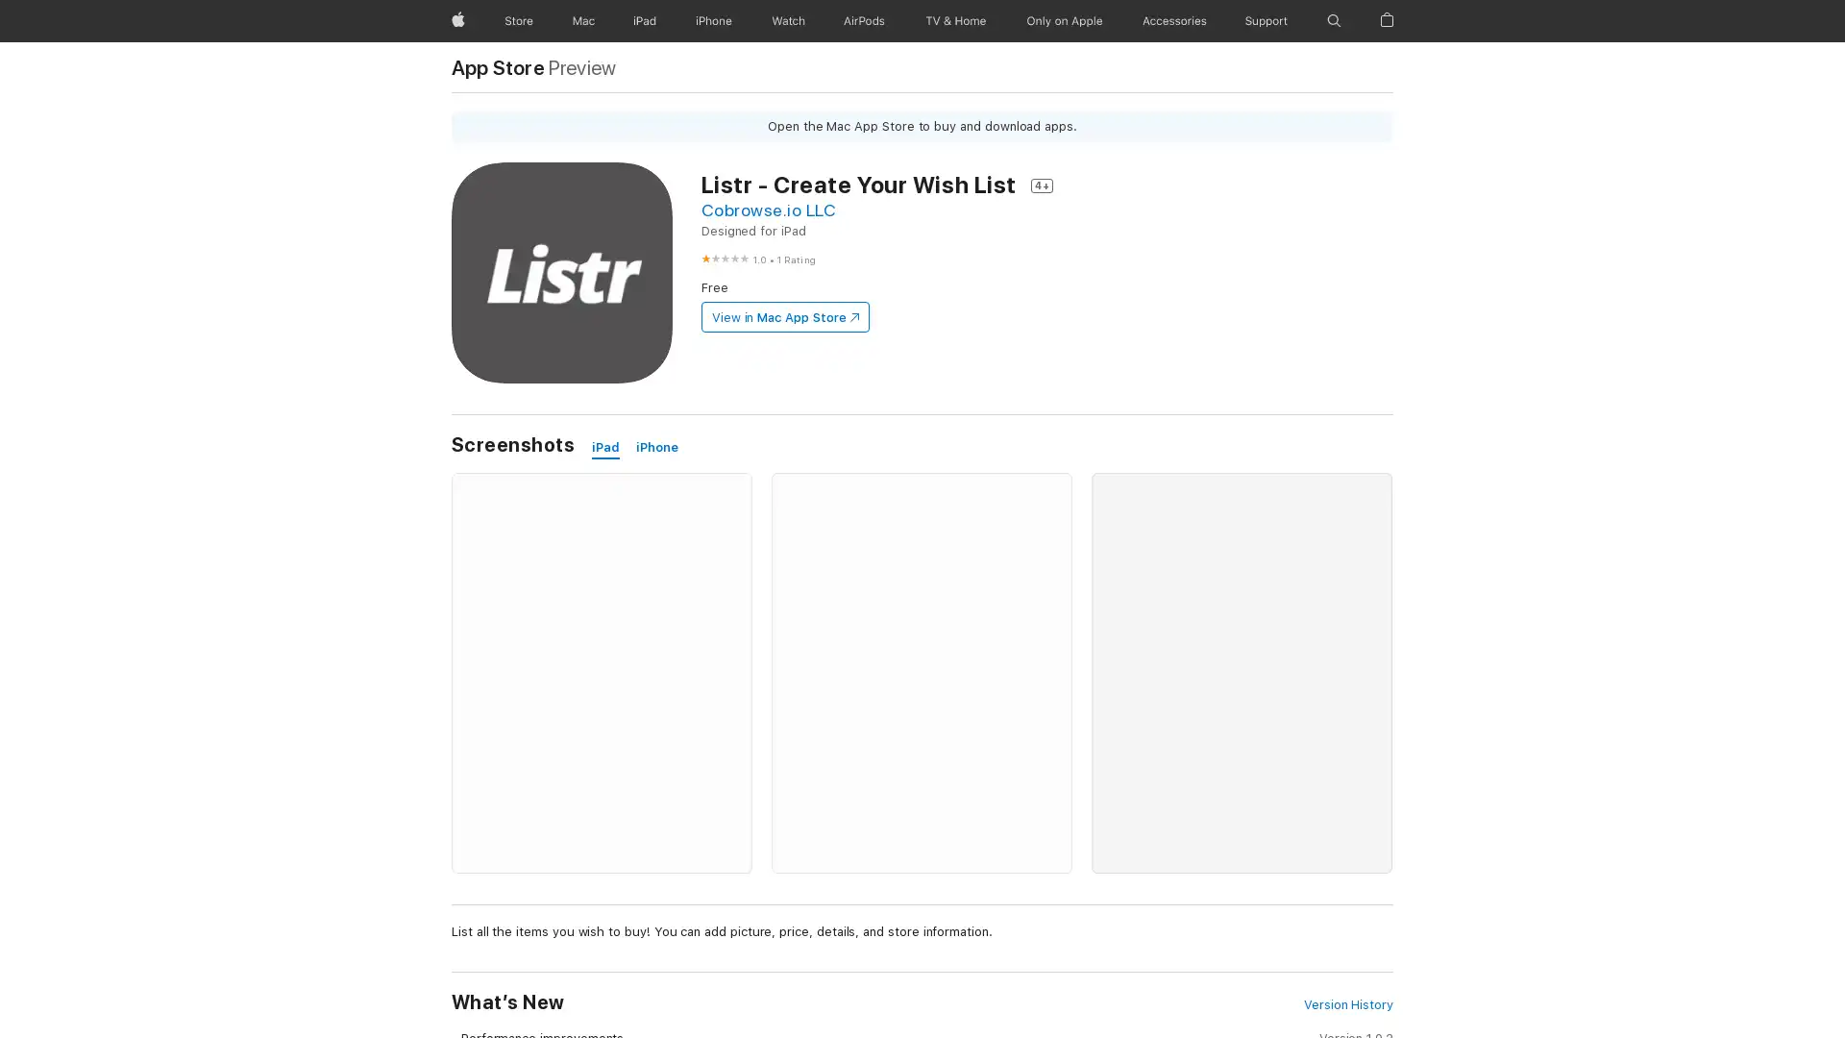  Describe the element at coordinates (1346, 1003) in the screenshot. I see `Version History` at that location.